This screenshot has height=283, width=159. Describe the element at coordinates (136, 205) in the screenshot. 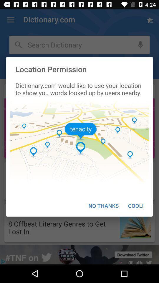

I see `cool! item` at that location.